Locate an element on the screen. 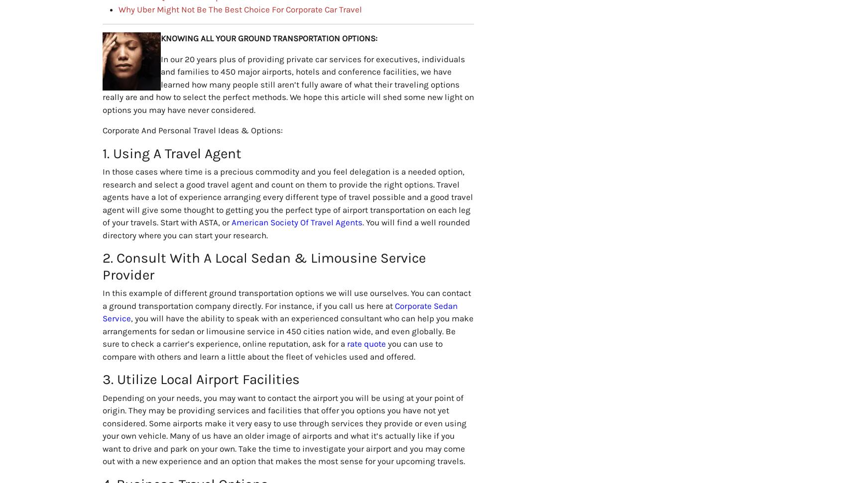 This screenshot has height=483, width=850. 'Prom Transportation' is located at coordinates (632, 312).